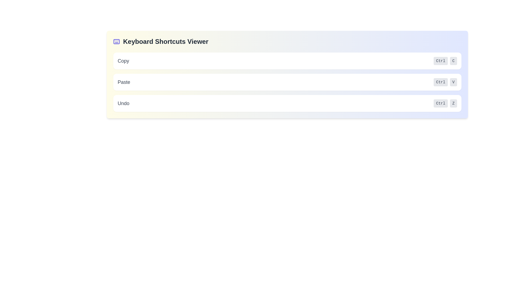 This screenshot has width=523, height=294. I want to click on the keyboard shortcuts icon, which is the leftmost element in the header section of the 'Keyboard Shortcuts Viewer', so click(116, 41).